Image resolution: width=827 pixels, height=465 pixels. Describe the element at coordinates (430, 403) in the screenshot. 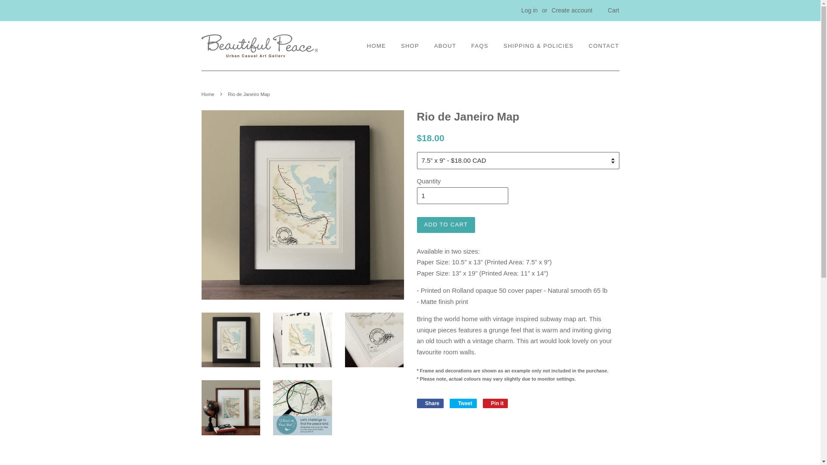

I see `'Share` at that location.